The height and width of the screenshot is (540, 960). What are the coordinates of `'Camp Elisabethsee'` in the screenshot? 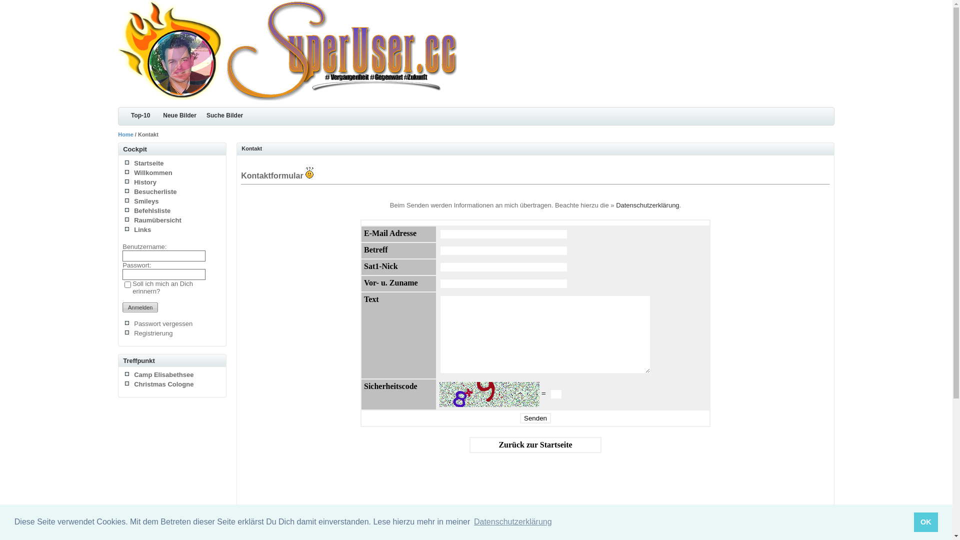 It's located at (163, 374).